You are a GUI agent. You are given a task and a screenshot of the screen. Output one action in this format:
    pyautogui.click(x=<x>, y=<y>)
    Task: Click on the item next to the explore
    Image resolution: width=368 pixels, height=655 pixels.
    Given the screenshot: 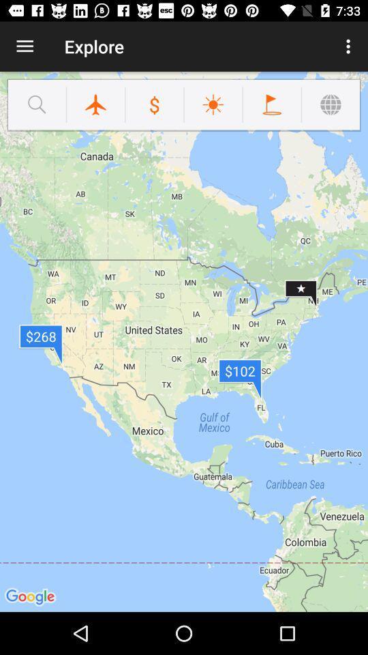 What is the action you would take?
    pyautogui.click(x=25, y=46)
    